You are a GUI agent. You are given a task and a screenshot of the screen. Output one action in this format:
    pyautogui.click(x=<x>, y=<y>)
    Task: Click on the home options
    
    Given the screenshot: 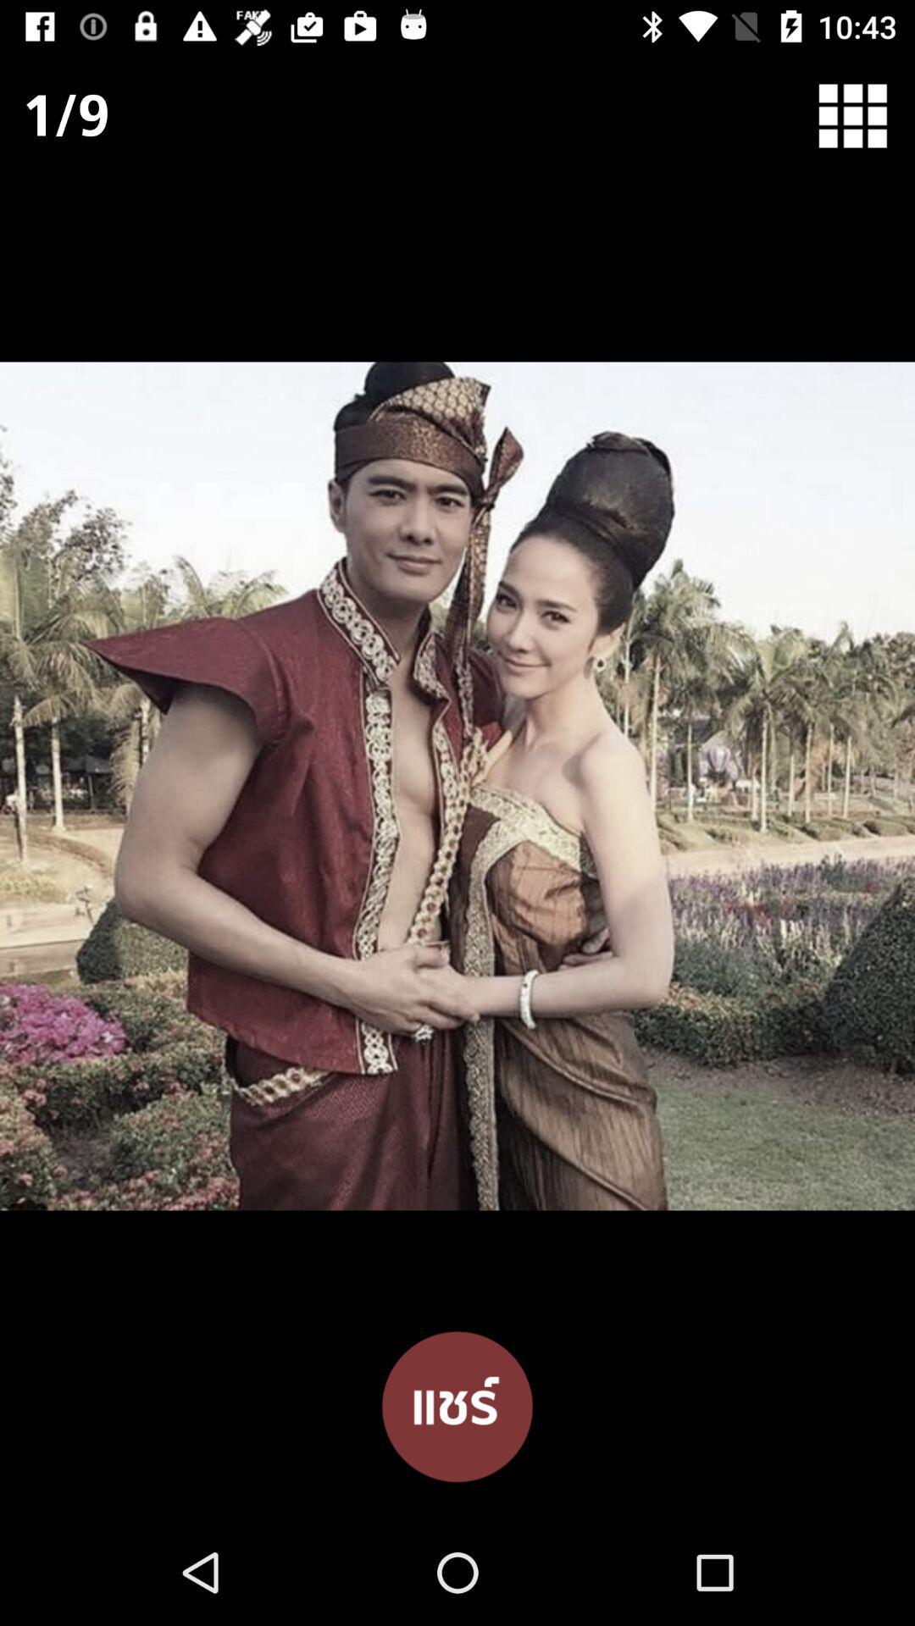 What is the action you would take?
    pyautogui.click(x=863, y=114)
    